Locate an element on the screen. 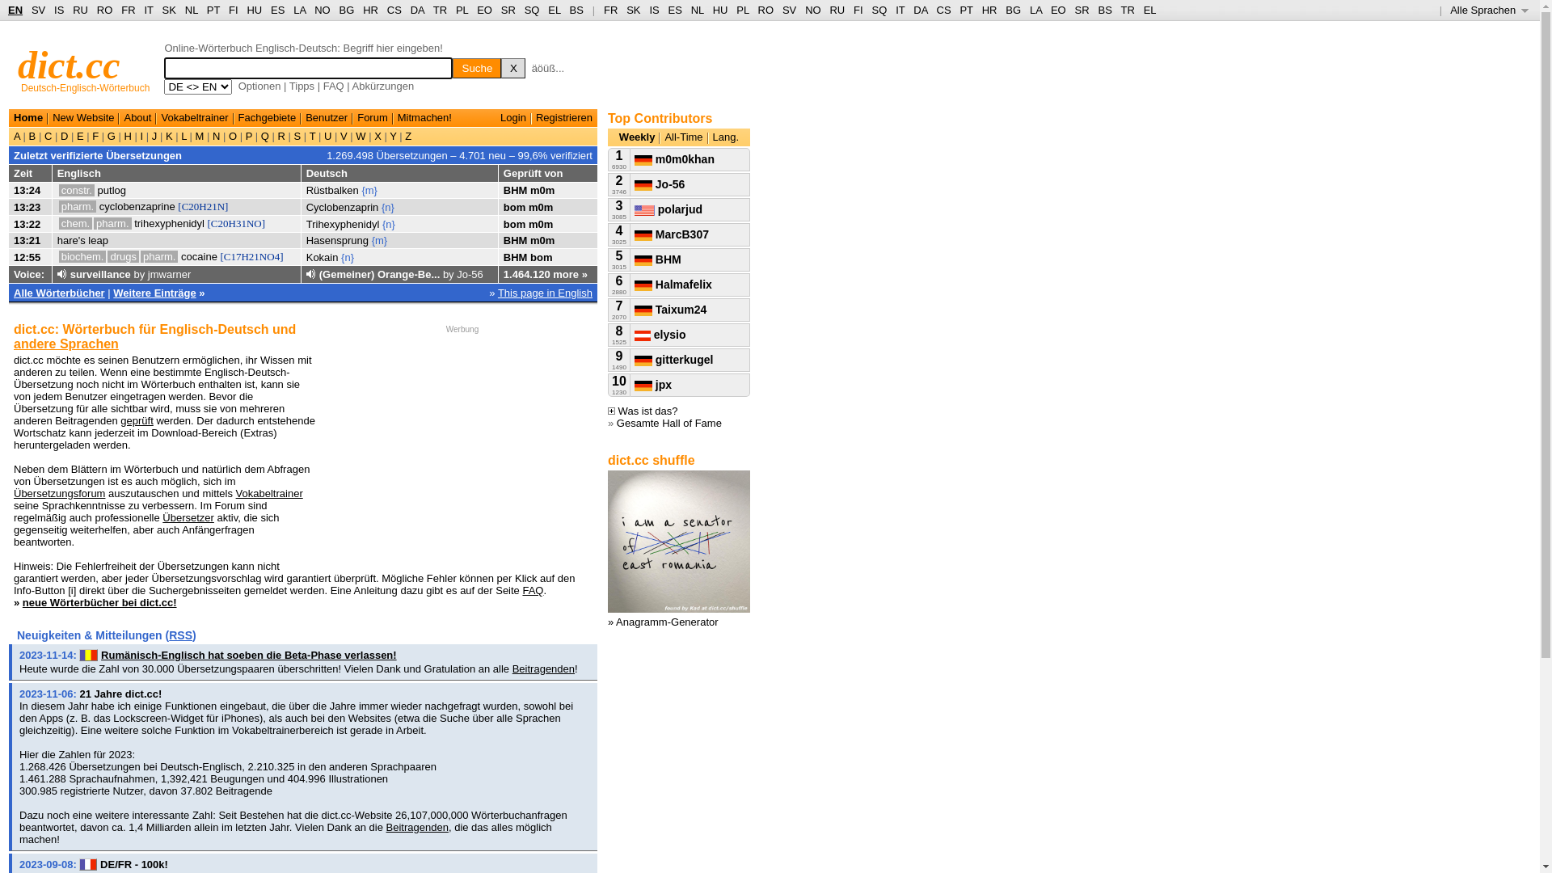 The height and width of the screenshot is (873, 1552). 'cyclobenzaprine [C20H21N]' is located at coordinates (163, 205).